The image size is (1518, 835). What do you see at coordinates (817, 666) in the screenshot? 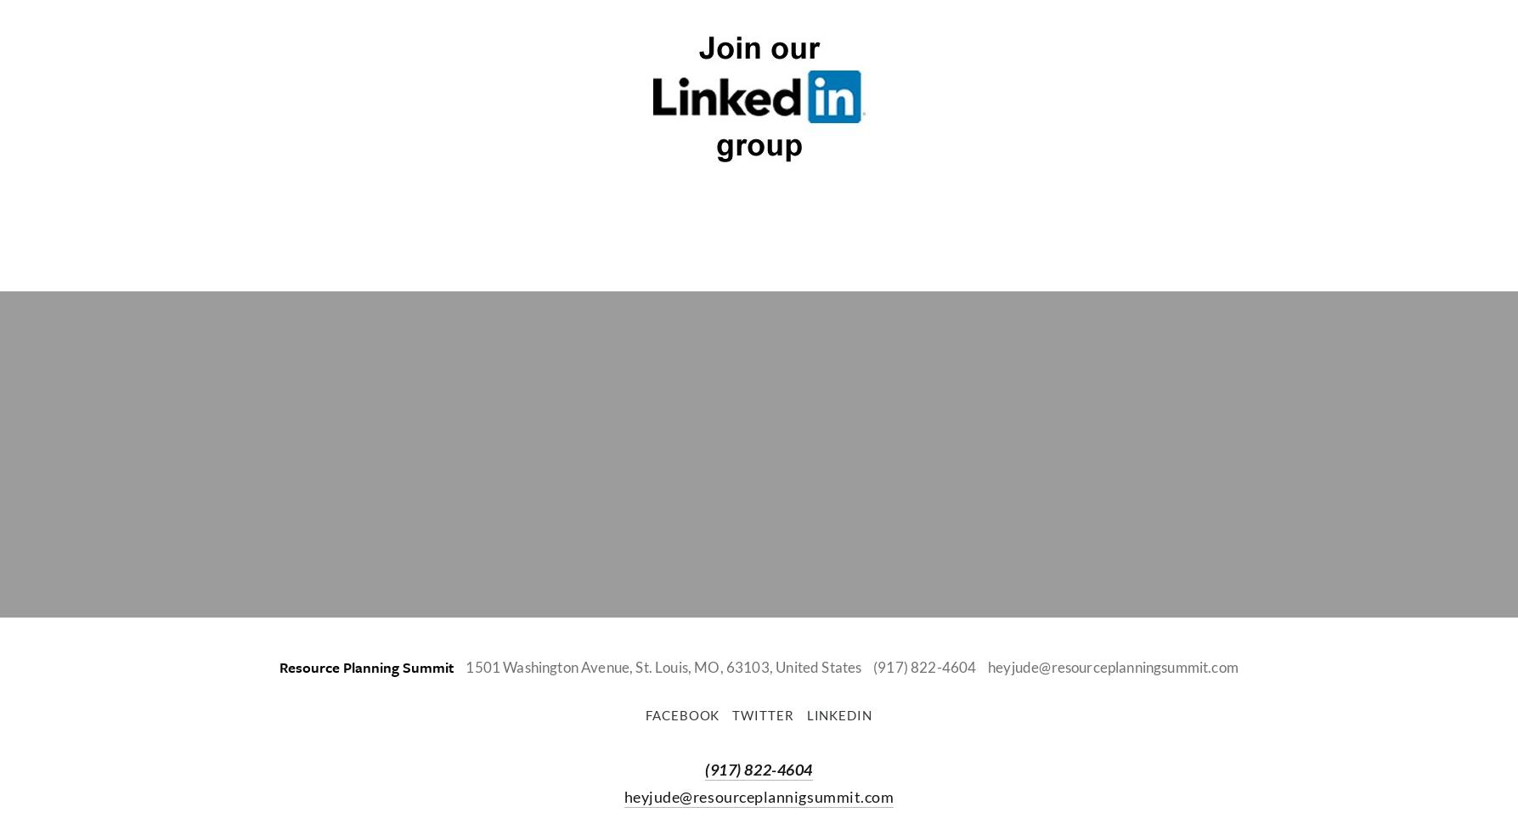
I see `'United States'` at bounding box center [817, 666].